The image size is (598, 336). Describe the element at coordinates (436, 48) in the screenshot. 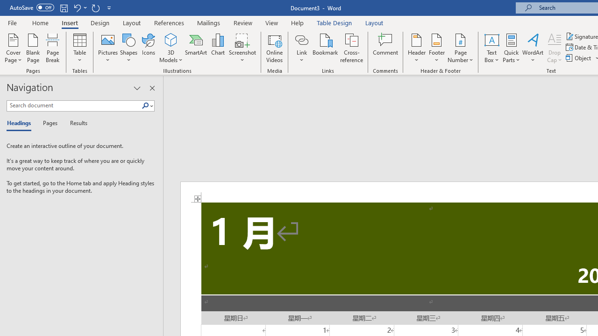

I see `'Footer'` at that location.